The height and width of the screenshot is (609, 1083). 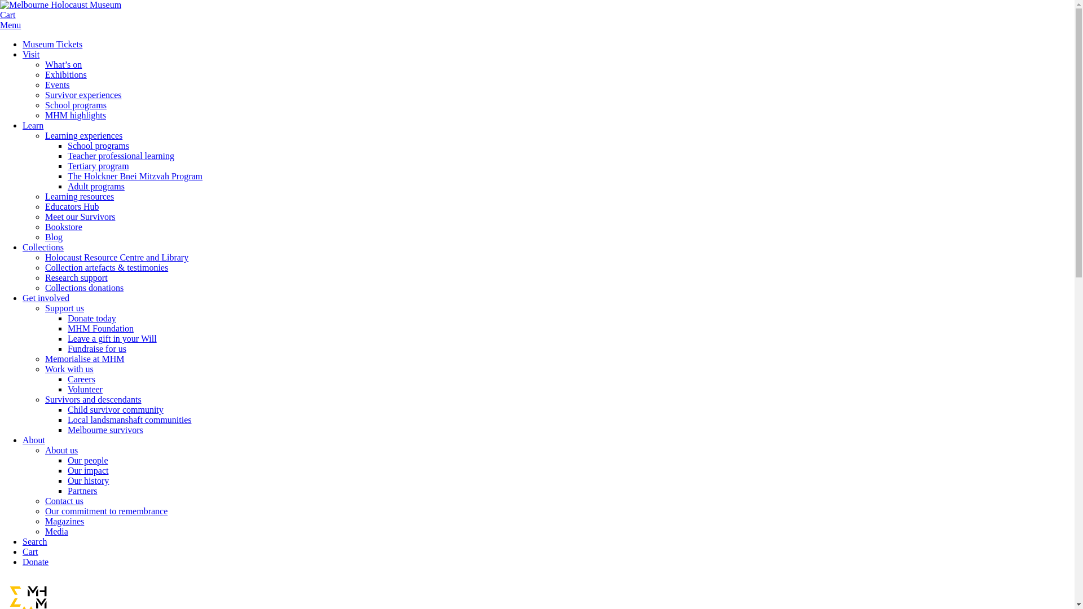 I want to click on 'MHM Foundation', so click(x=100, y=328).